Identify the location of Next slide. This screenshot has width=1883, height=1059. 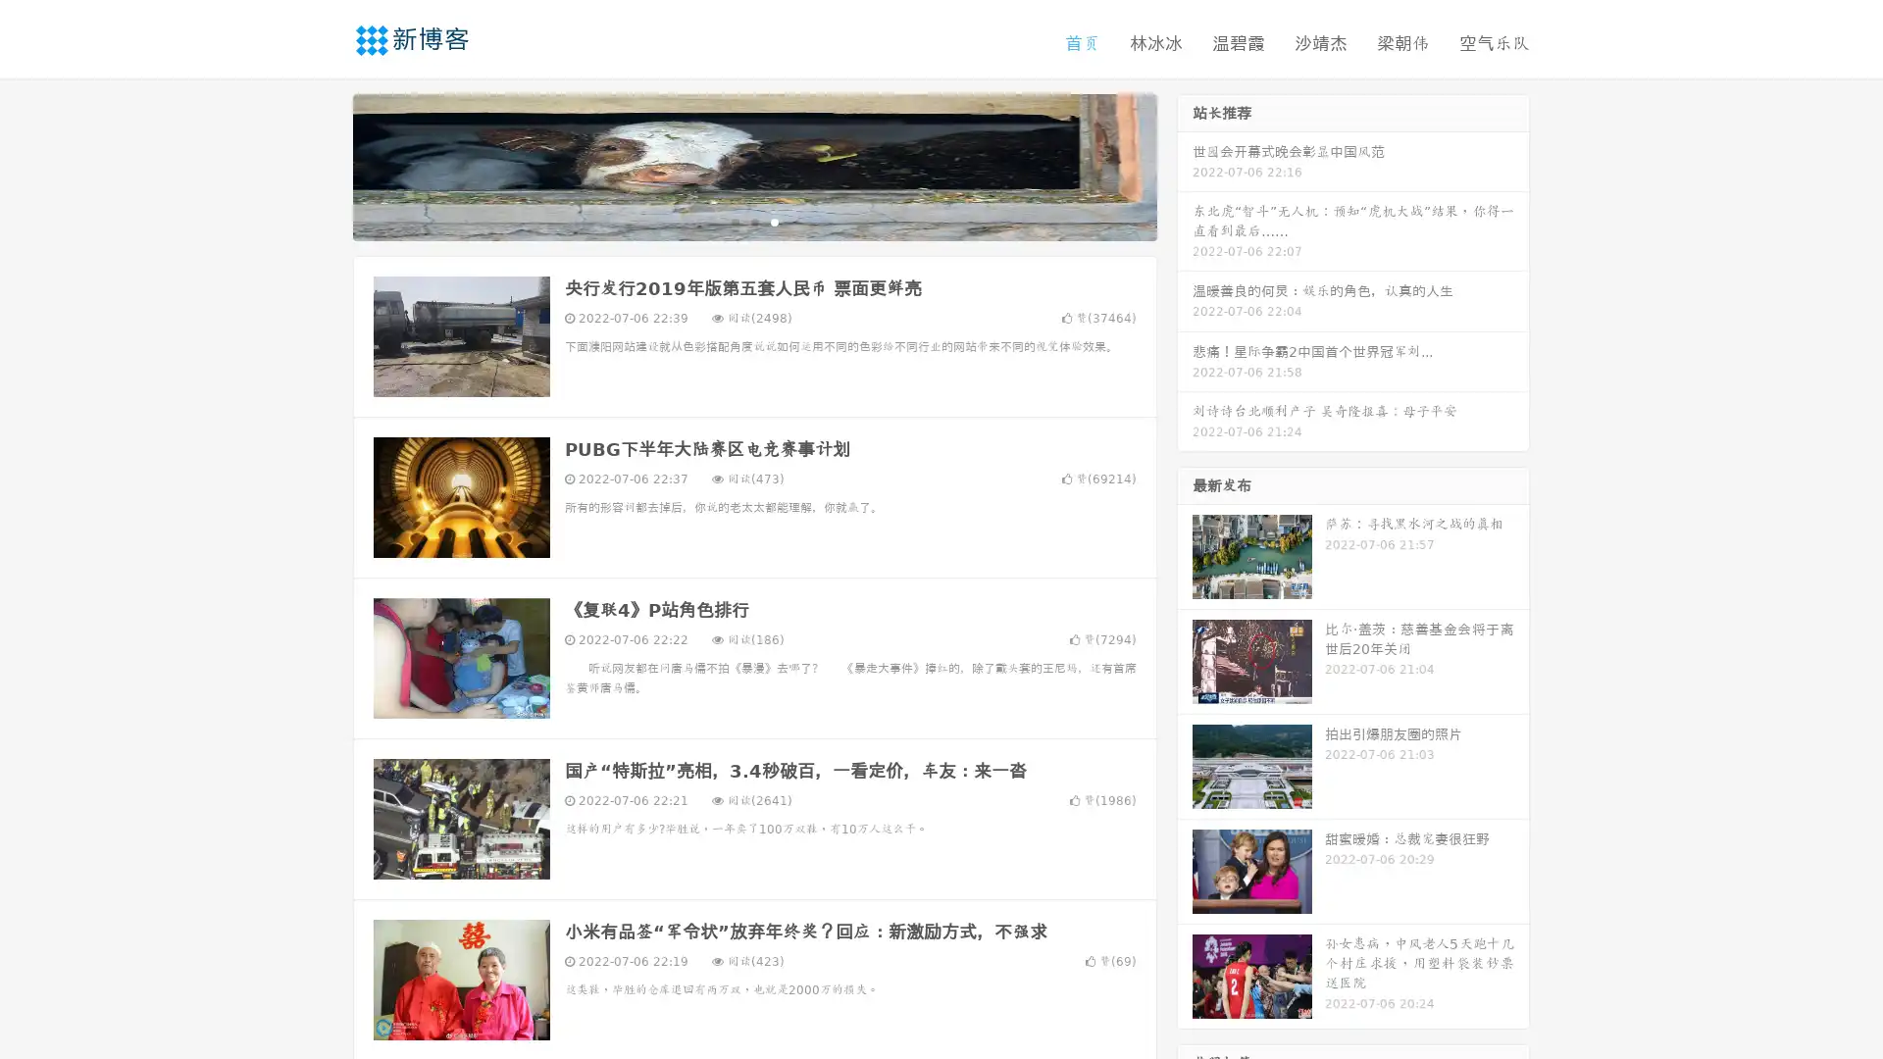
(1185, 165).